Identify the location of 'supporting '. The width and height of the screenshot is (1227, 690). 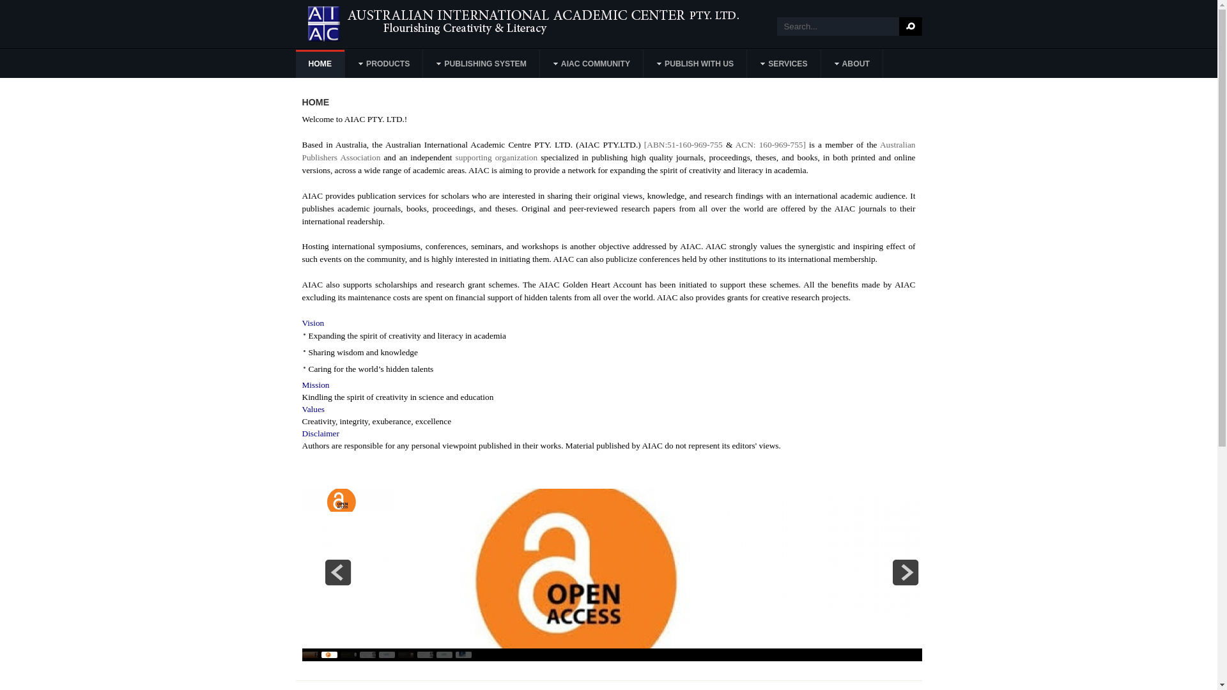
(475, 157).